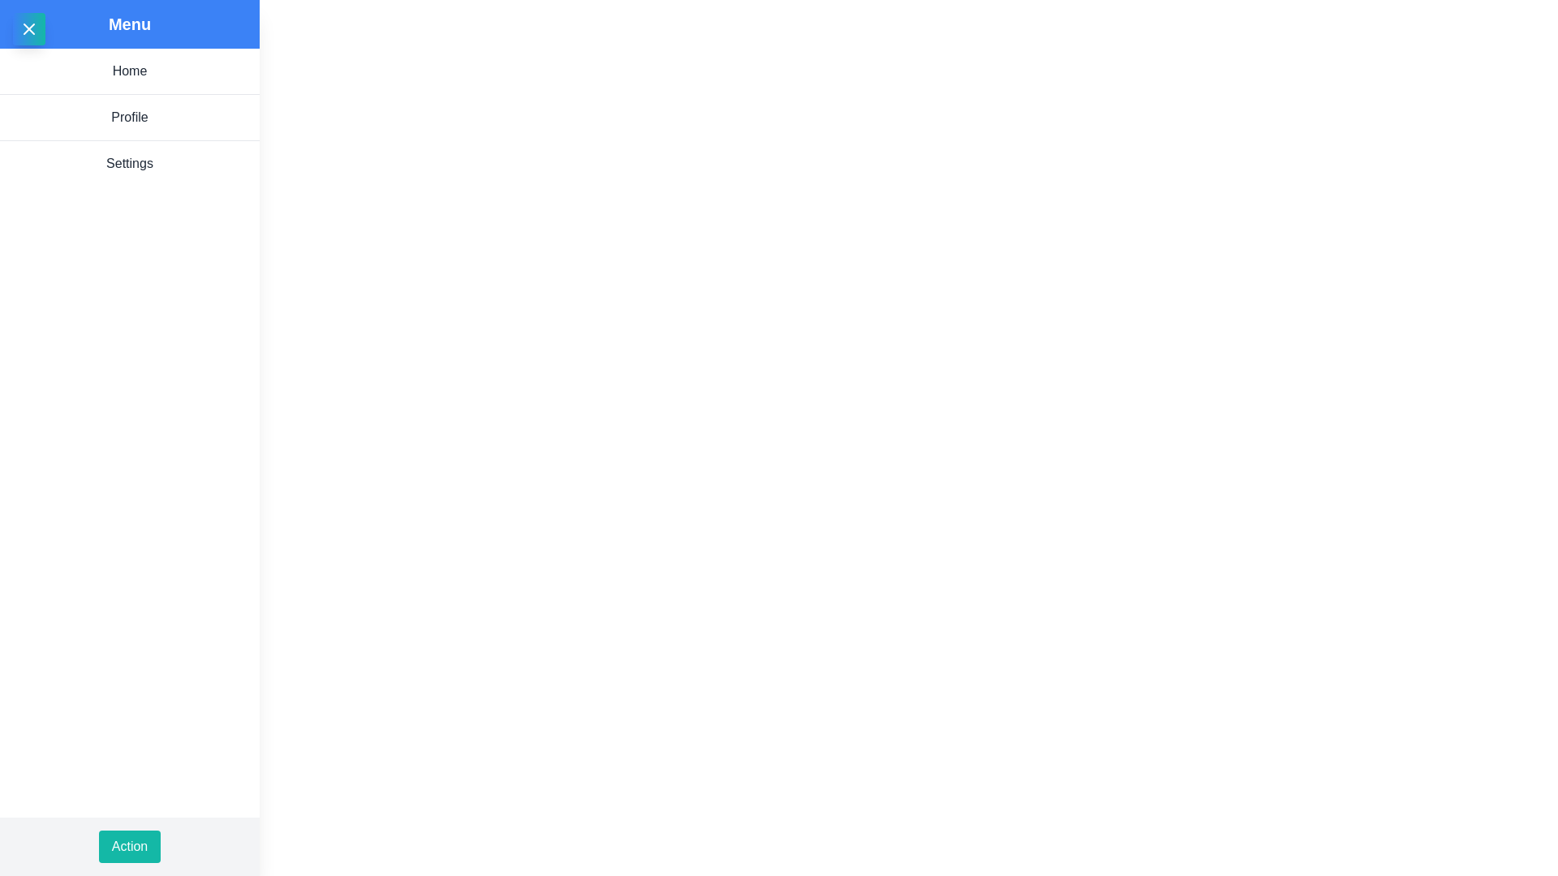 The width and height of the screenshot is (1558, 876). I want to click on the button at the top-left corner of the screen to toggle the drawer, so click(28, 28).